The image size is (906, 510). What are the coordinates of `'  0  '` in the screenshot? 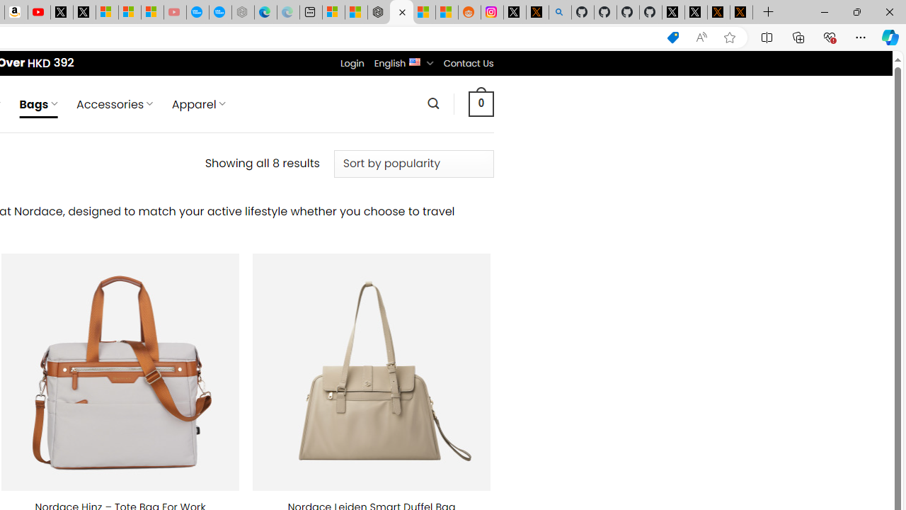 It's located at (481, 103).